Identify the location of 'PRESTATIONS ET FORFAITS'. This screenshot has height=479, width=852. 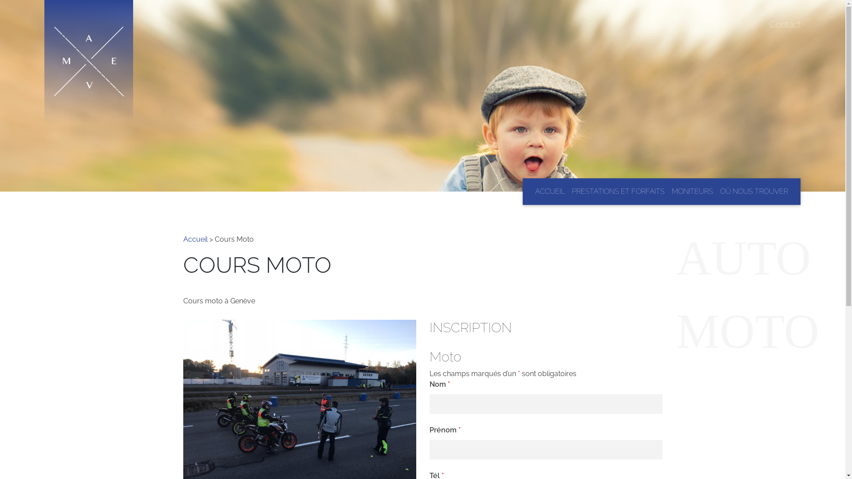
(568, 191).